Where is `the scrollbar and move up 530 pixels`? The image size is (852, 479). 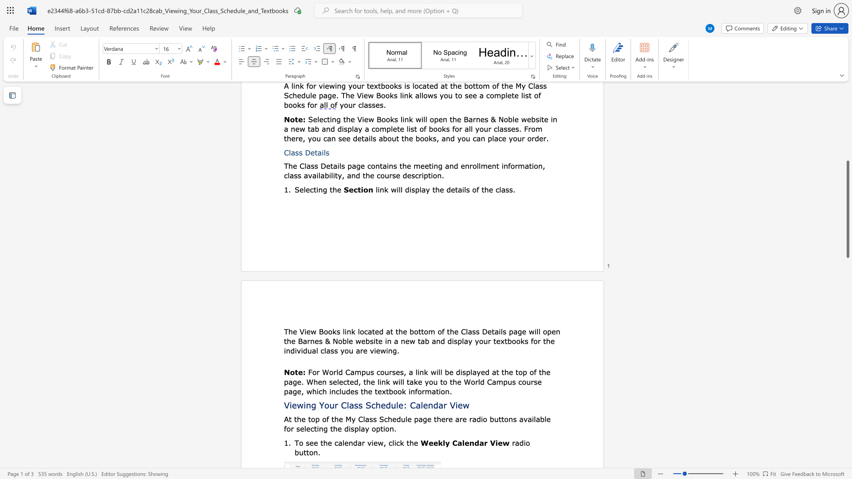 the scrollbar and move up 530 pixels is located at coordinates (847, 209).